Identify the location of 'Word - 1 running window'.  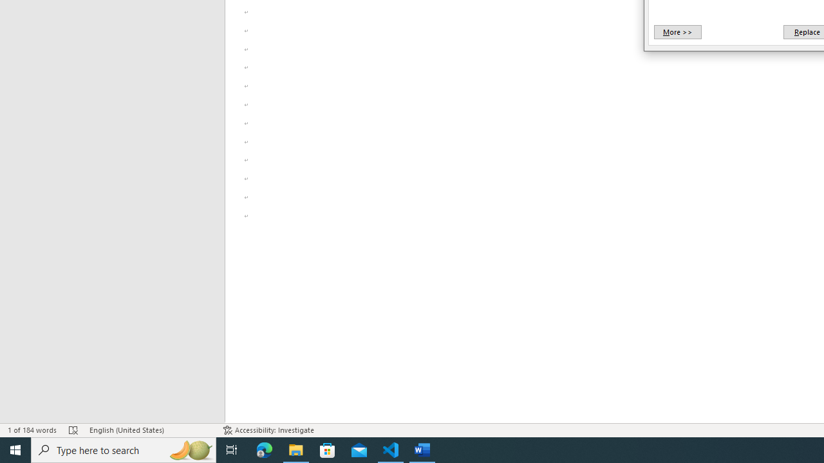
(422, 449).